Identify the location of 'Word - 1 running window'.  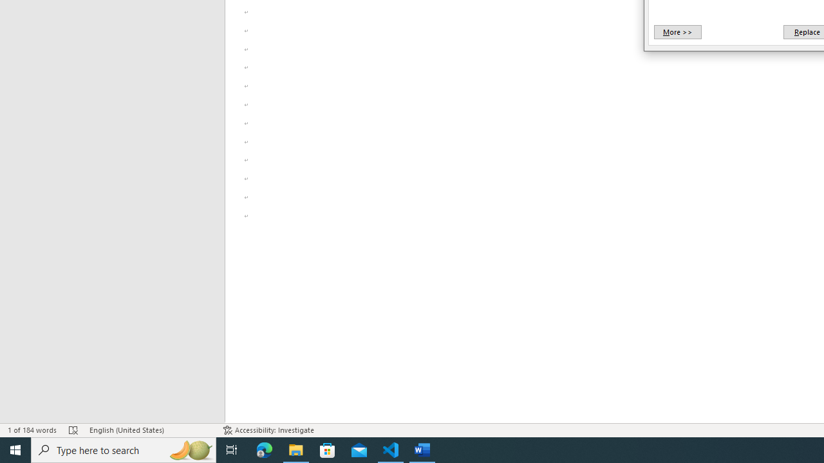
(422, 449).